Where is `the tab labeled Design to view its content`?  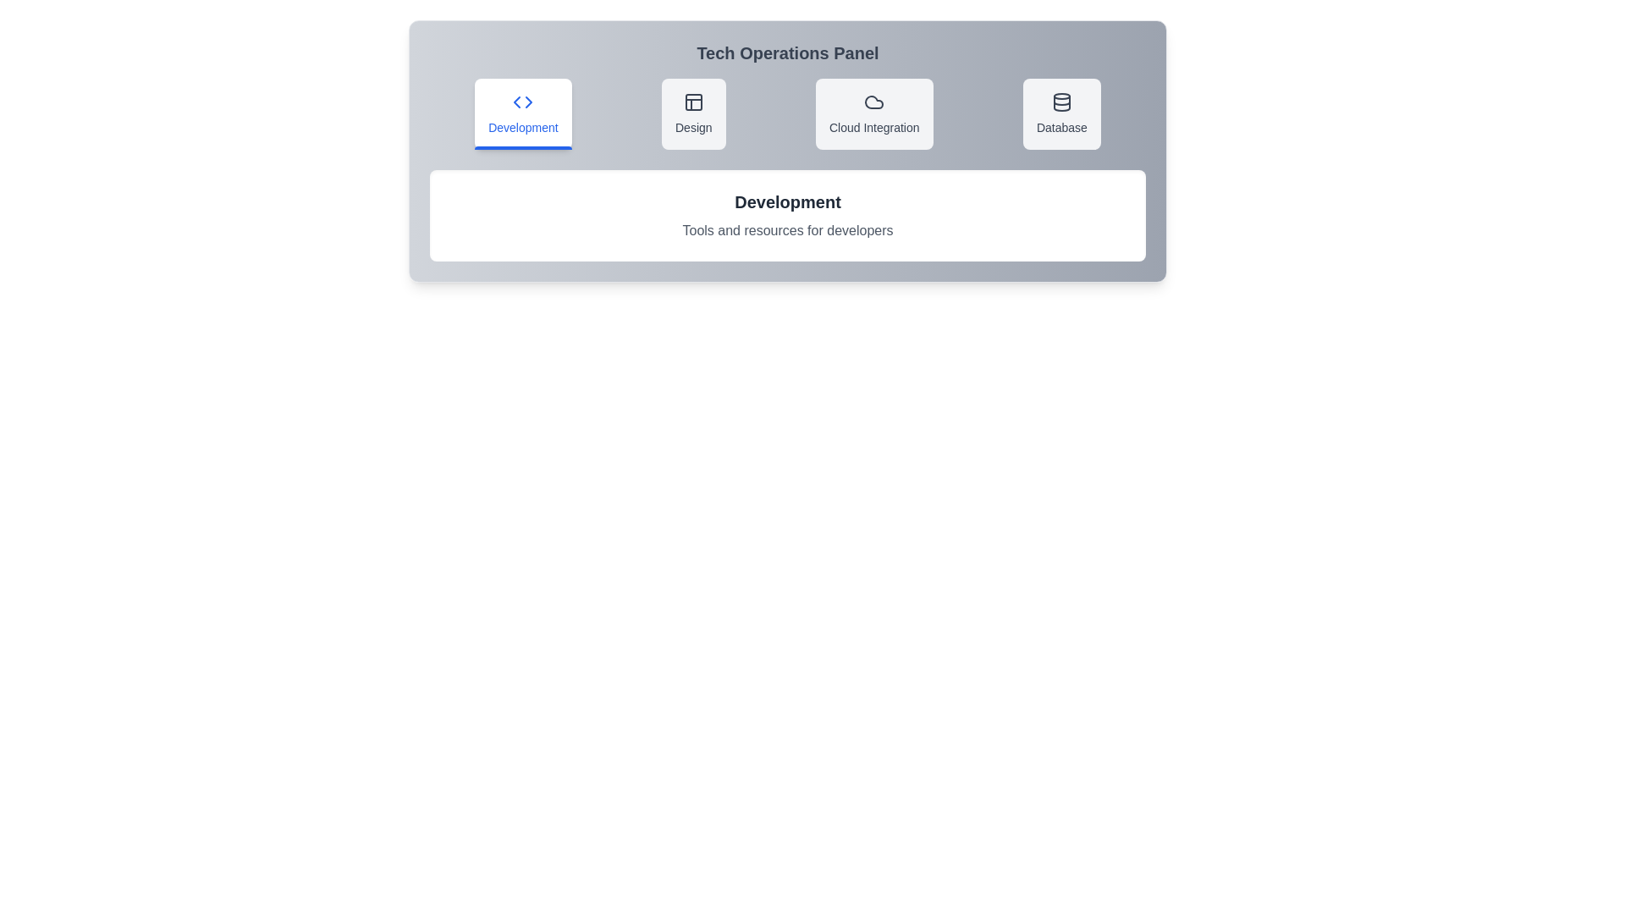 the tab labeled Design to view its content is located at coordinates (693, 114).